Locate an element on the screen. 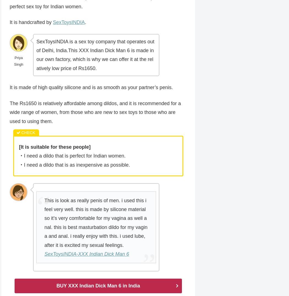  '・I need a dildo that is as inexpensive as possible.' is located at coordinates (74, 165).